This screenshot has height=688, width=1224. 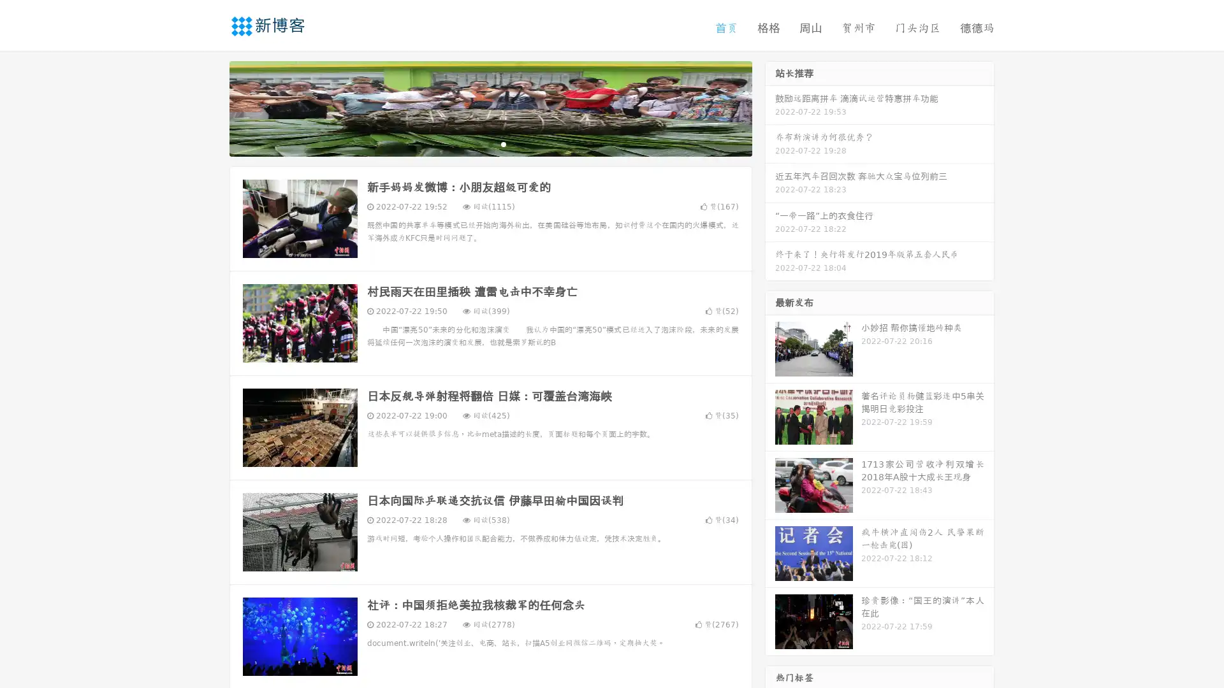 I want to click on Go to slide 2, so click(x=490, y=143).